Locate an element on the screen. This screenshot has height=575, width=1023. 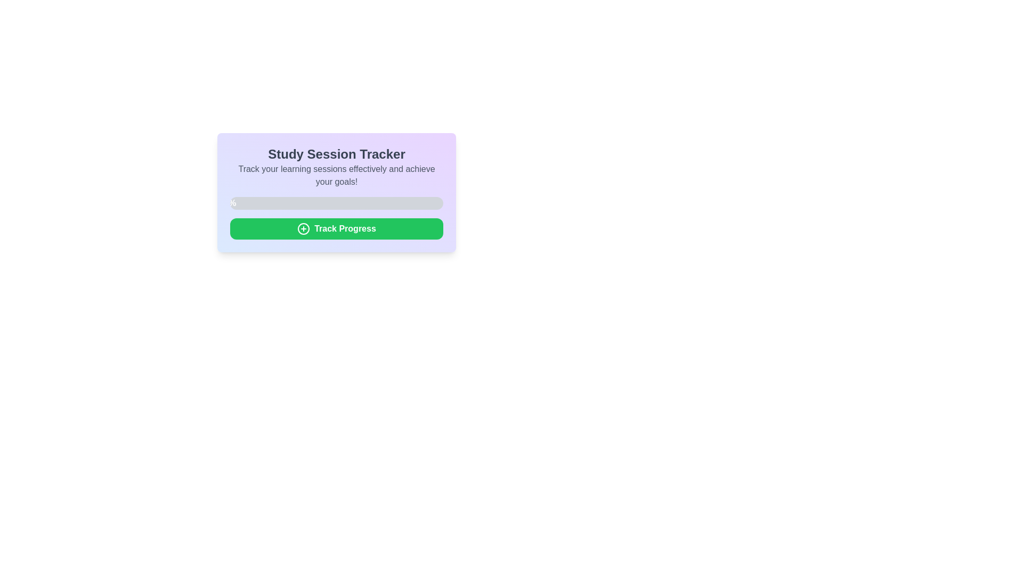
the large, bold title 'Study Session Tracker' displayed in dark-gray color at the top of the card box with a light purple gradient background is located at coordinates (336, 154).